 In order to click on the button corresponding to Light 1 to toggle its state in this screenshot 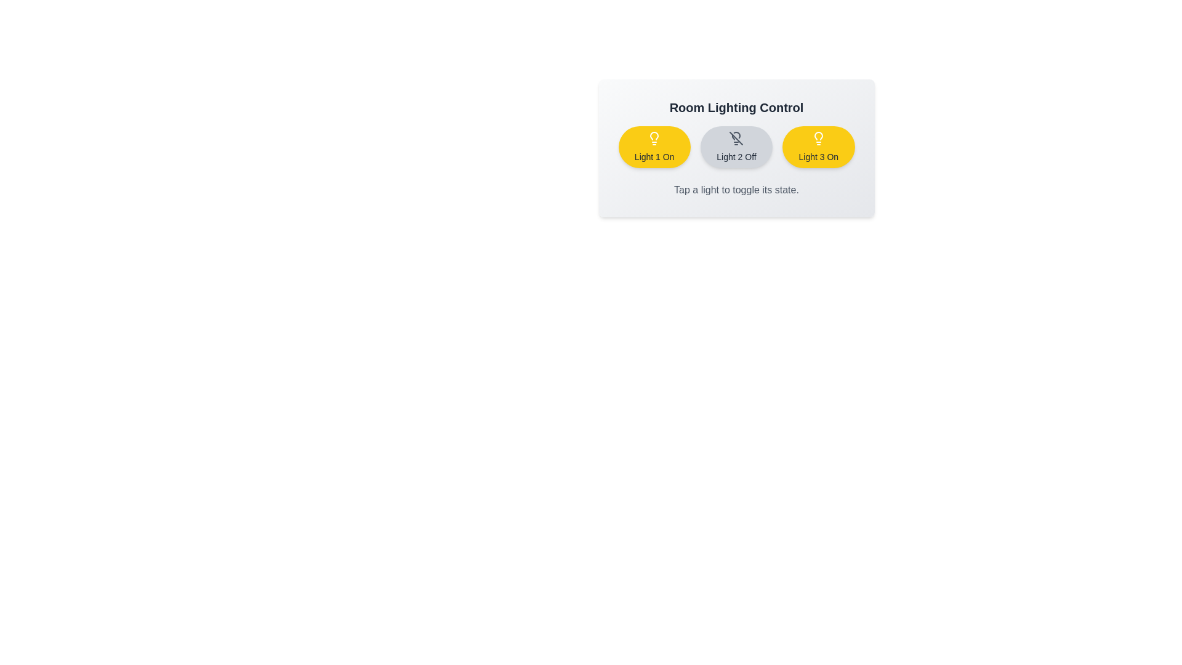, I will do `click(654, 147)`.